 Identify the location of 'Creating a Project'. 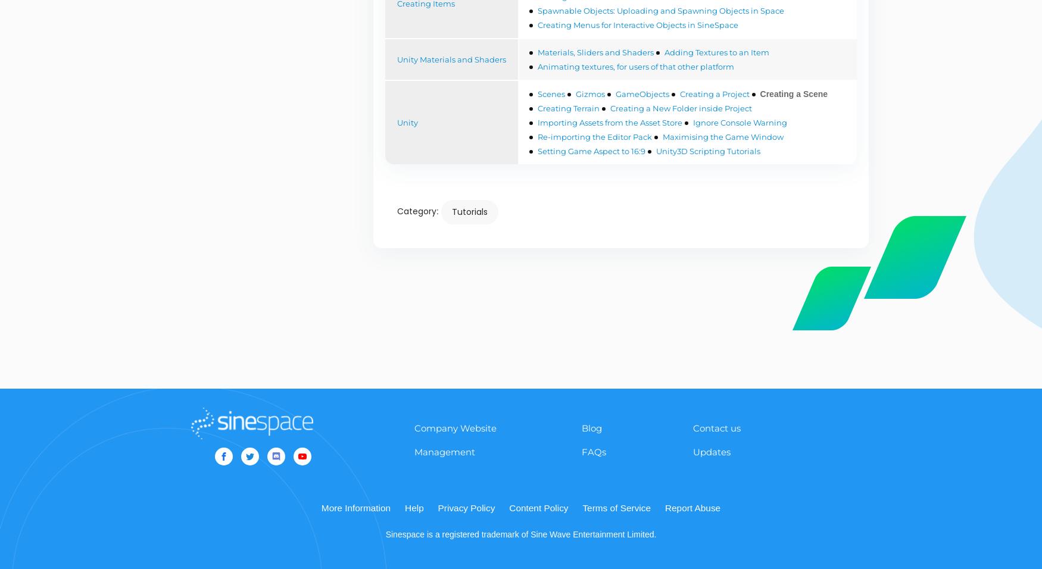
(714, 93).